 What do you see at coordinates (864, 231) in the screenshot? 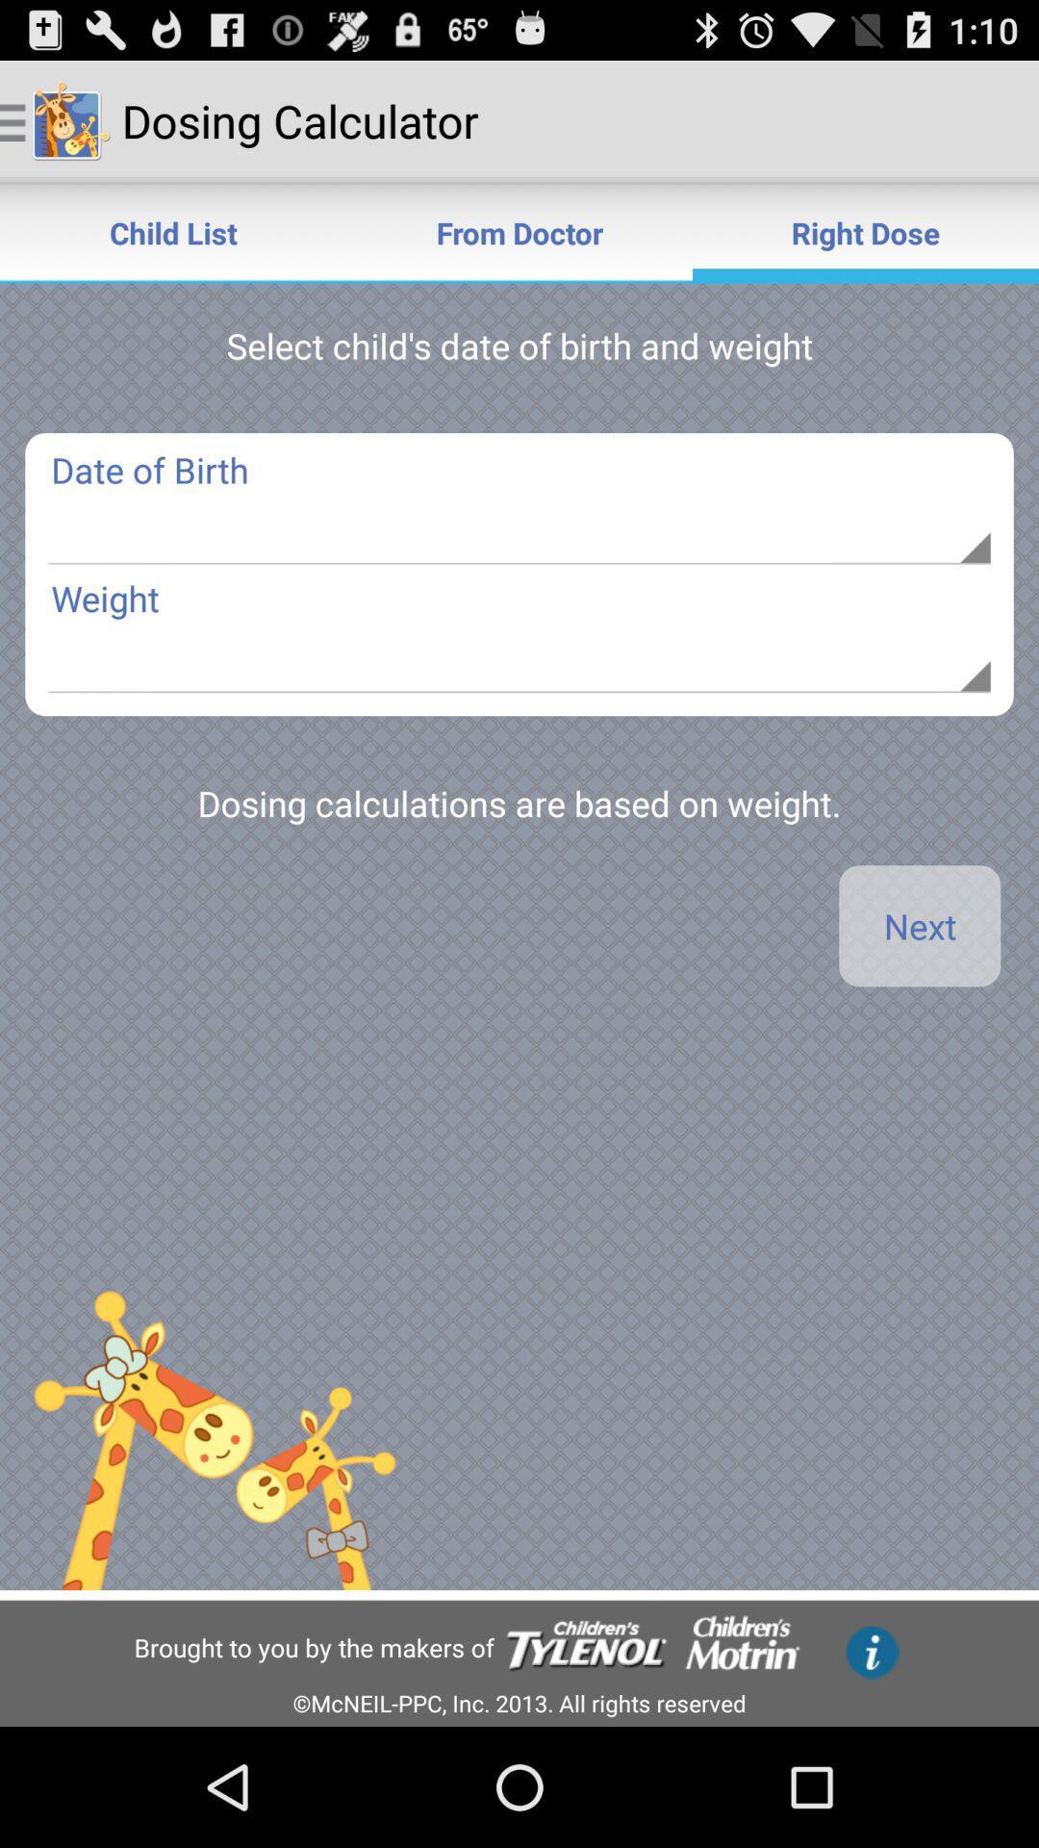
I see `the item to the right of from doctor icon` at bounding box center [864, 231].